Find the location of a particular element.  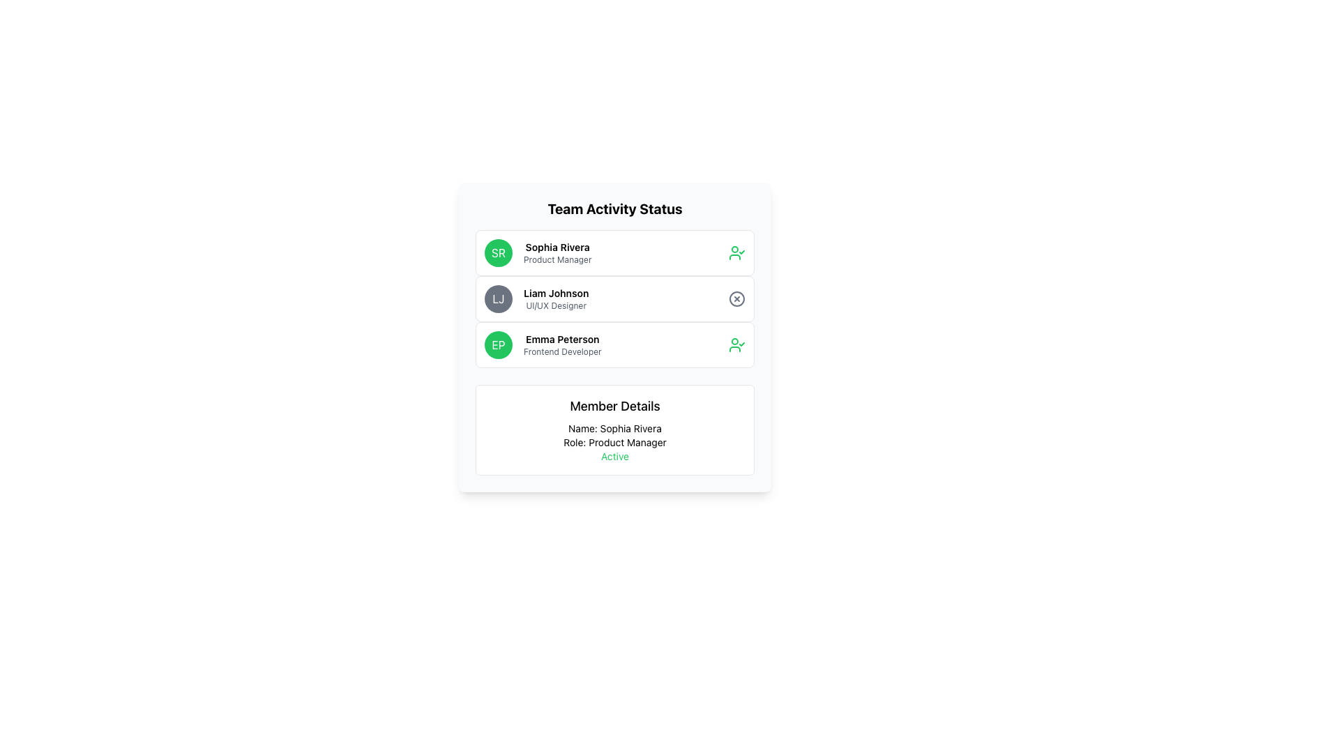

the circled 'X' icon button located to the right of 'Liam Johnson' in the 'Team Activity Status' card is located at coordinates (736, 298).